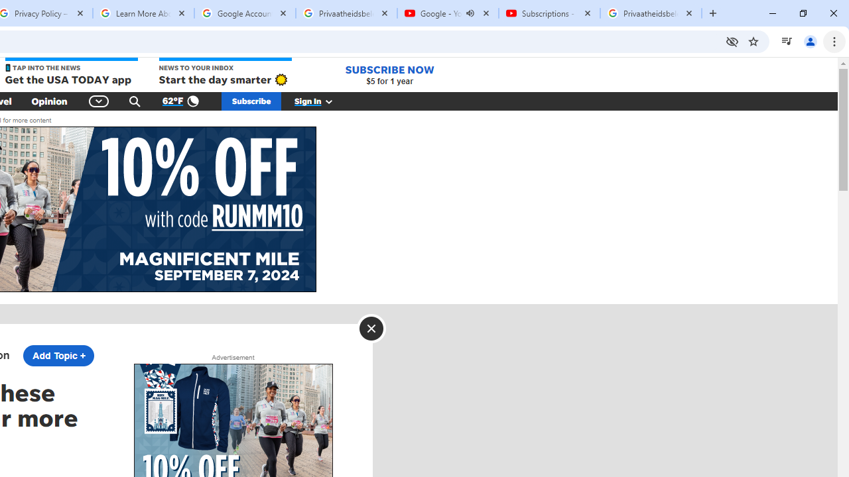 Image resolution: width=849 pixels, height=477 pixels. Describe the element at coordinates (809, 40) in the screenshot. I see `'You'` at that location.